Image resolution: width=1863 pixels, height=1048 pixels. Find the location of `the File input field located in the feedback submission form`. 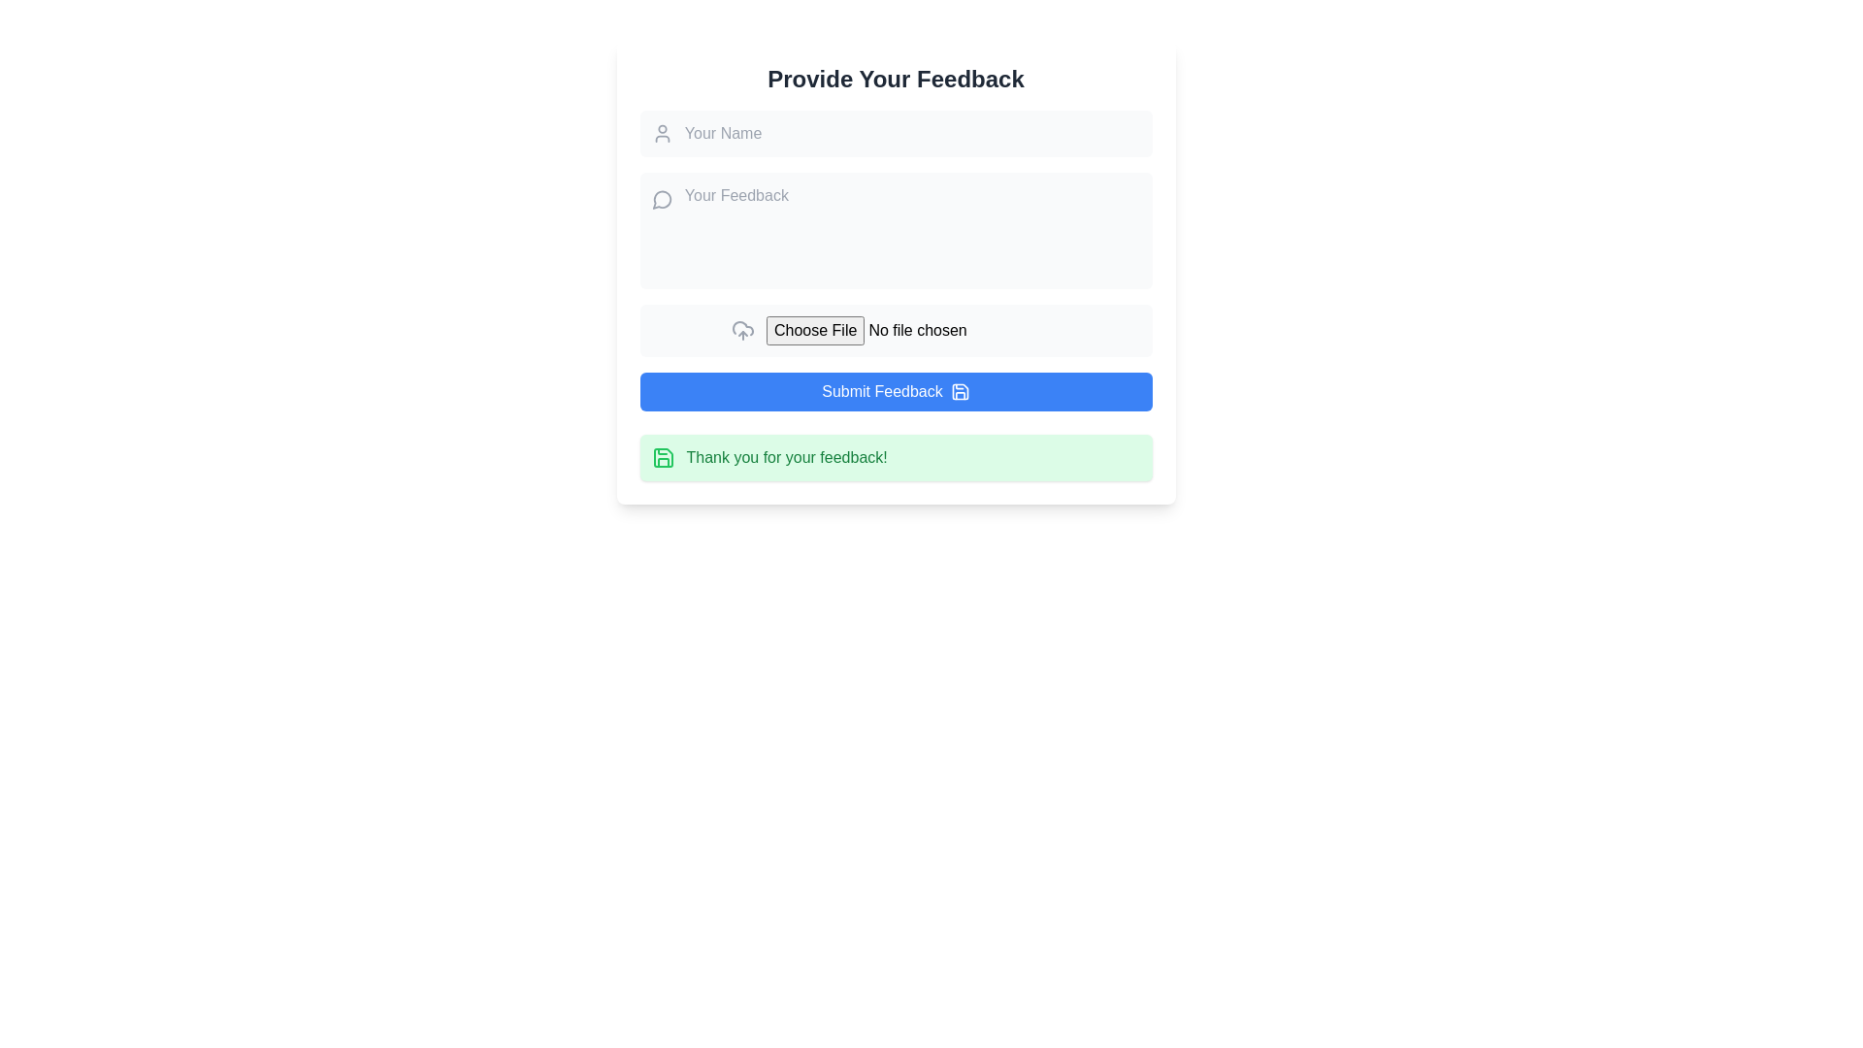

the File input field located in the feedback submission form is located at coordinates (912, 329).